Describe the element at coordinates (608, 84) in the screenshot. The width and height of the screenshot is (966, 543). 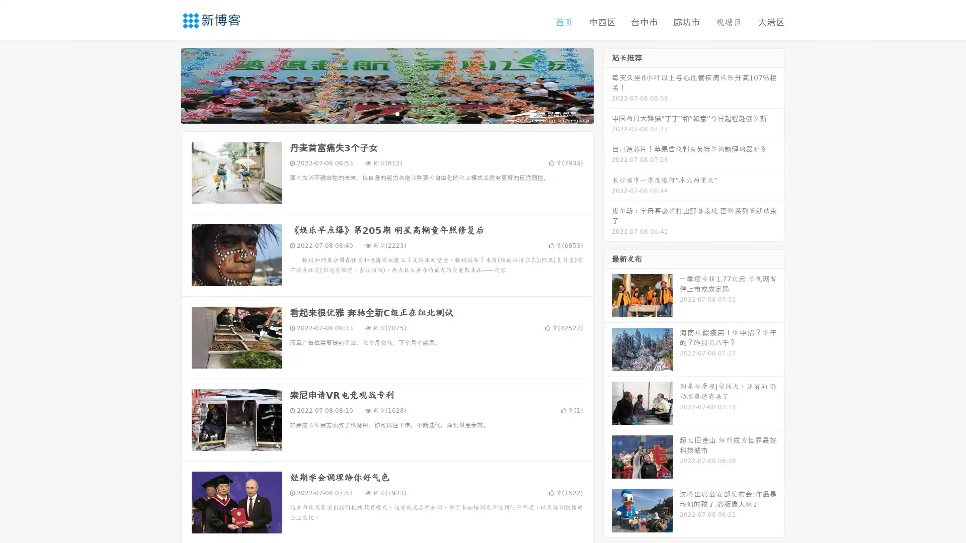
I see `Next slide` at that location.